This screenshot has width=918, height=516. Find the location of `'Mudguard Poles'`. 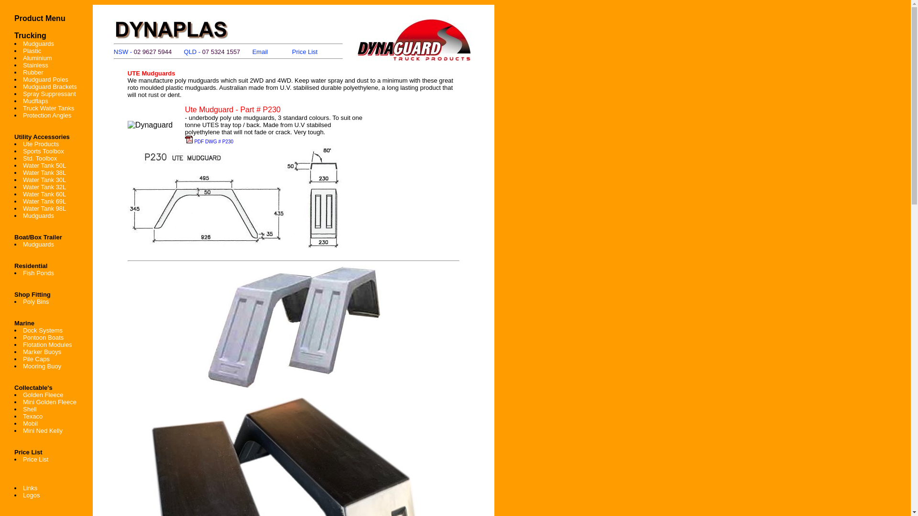

'Mudguard Poles' is located at coordinates (45, 79).